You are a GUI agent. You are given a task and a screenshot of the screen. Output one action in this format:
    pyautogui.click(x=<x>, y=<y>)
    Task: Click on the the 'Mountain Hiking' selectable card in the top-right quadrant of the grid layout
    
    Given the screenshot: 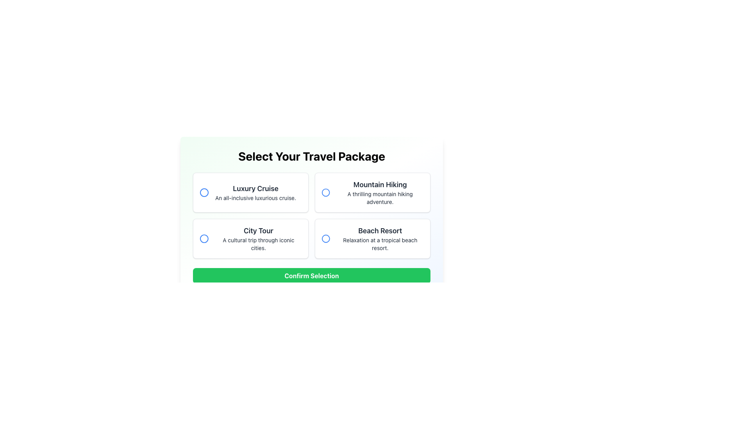 What is the action you would take?
    pyautogui.click(x=372, y=193)
    